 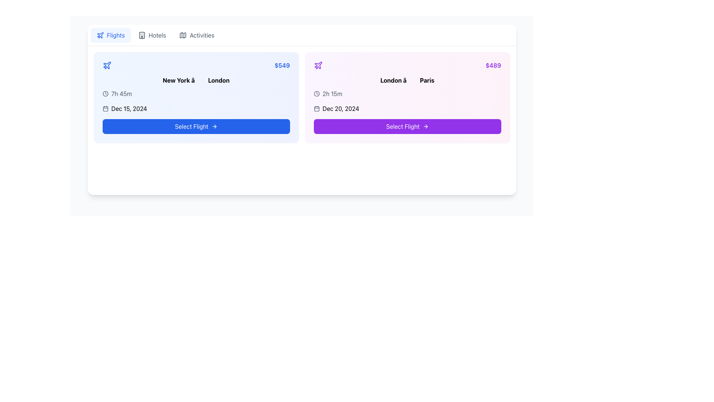 What do you see at coordinates (316, 93) in the screenshot?
I see `the small circular clock icon located in the second card on the right side of the user interface, positioned to the left of the text '2h 15m'` at bounding box center [316, 93].